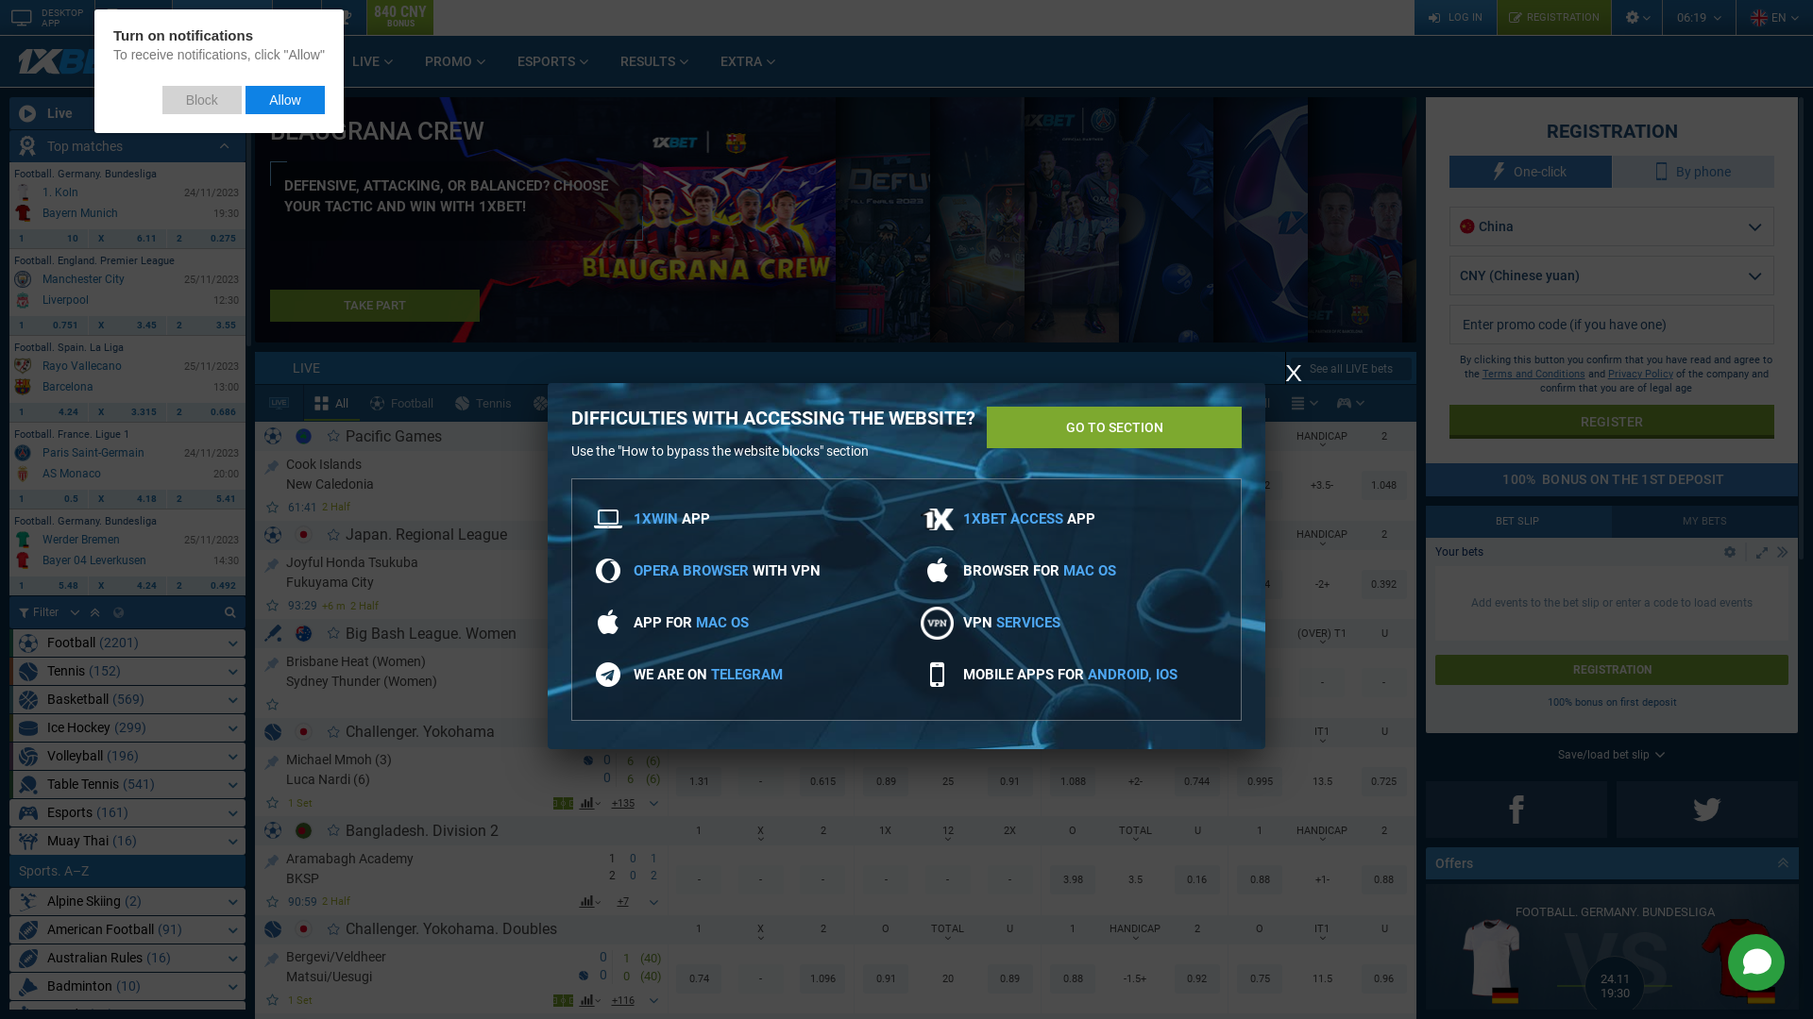  I want to click on 'Ice Hockey, so click(126, 727).